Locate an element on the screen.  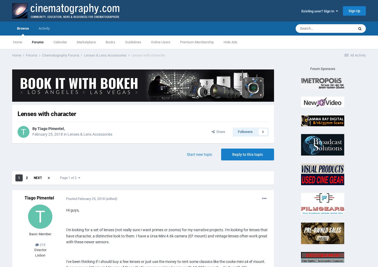
'Followers' is located at coordinates (245, 132).